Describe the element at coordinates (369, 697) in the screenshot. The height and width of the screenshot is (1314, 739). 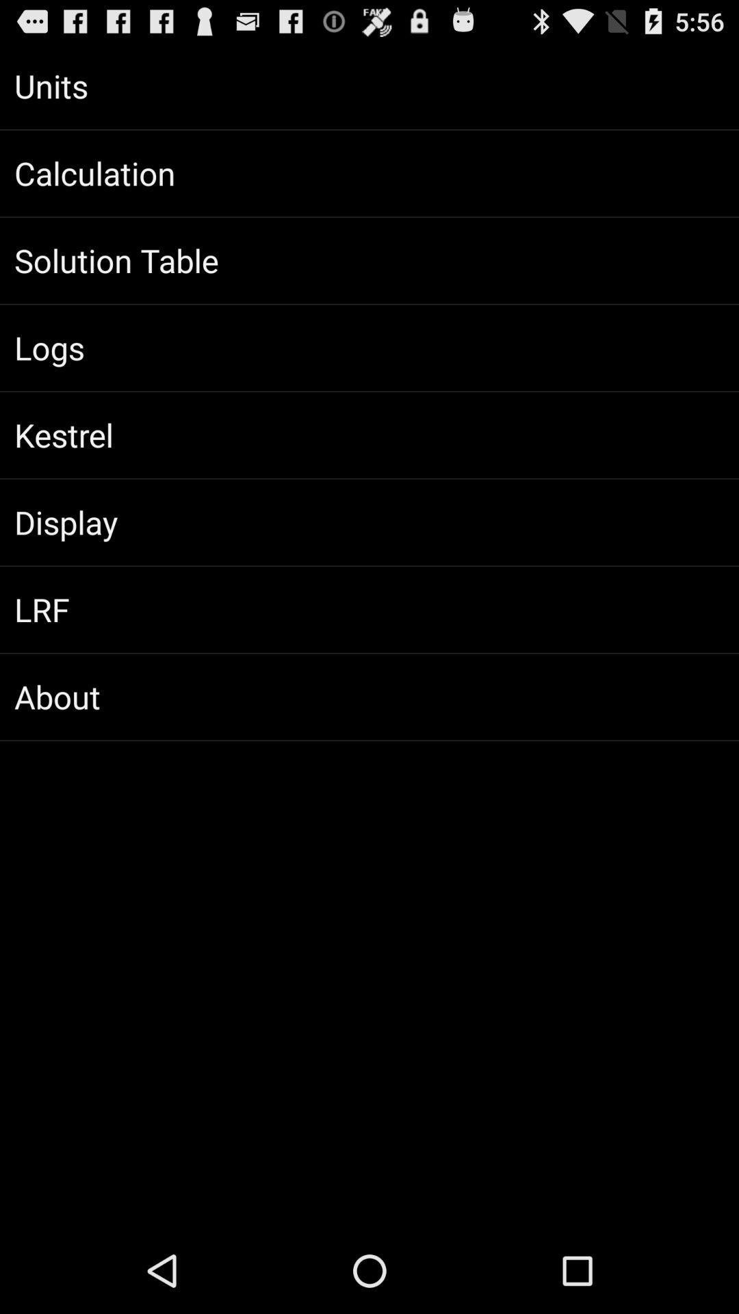
I see `the about item` at that location.